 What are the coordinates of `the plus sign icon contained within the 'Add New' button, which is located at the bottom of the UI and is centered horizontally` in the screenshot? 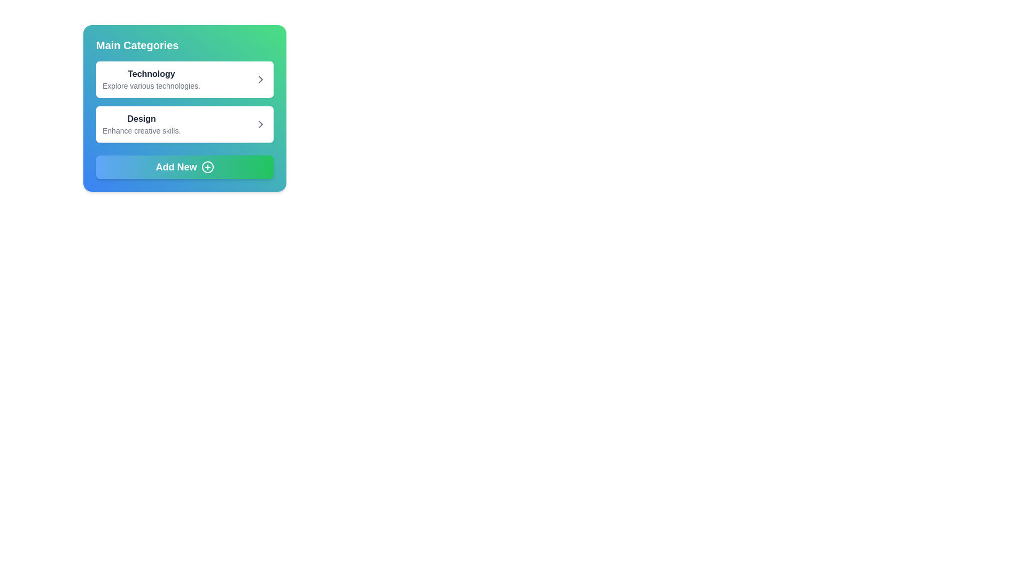 It's located at (207, 167).